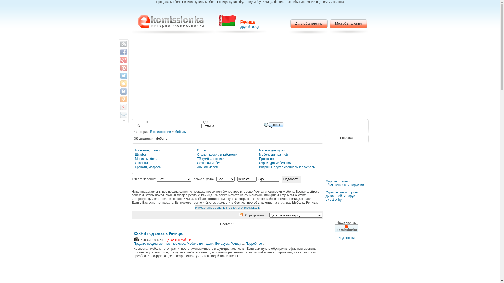  What do you see at coordinates (123, 83) in the screenshot?
I see `'Save to Browser Favorites'` at bounding box center [123, 83].